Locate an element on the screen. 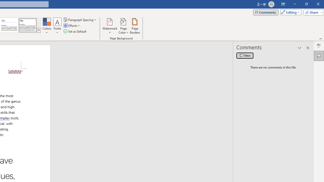 Image resolution: width=324 pixels, height=182 pixels. 'Set as Default' is located at coordinates (75, 31).